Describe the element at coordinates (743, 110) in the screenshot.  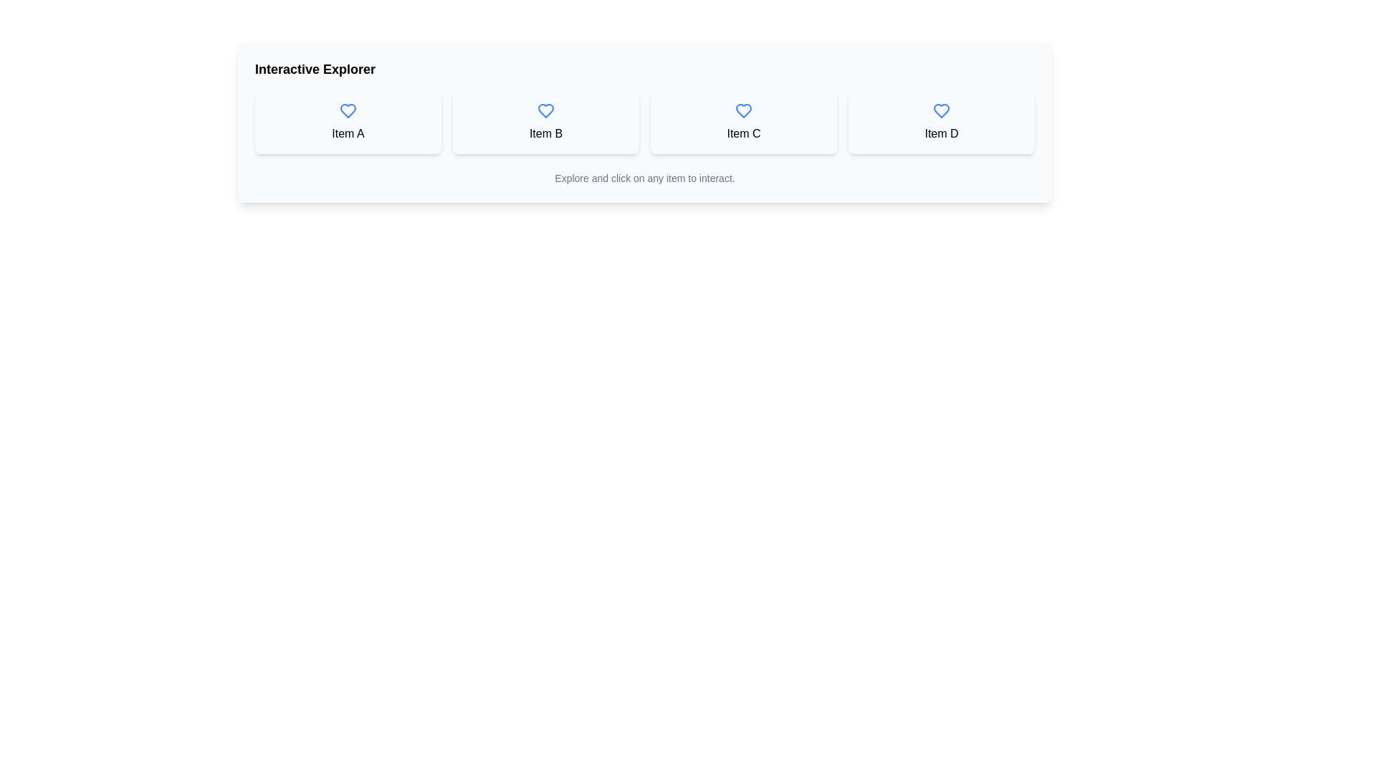
I see `the favoriting icon located in the third position under 'Item C', which visually indicates a liking action` at that location.